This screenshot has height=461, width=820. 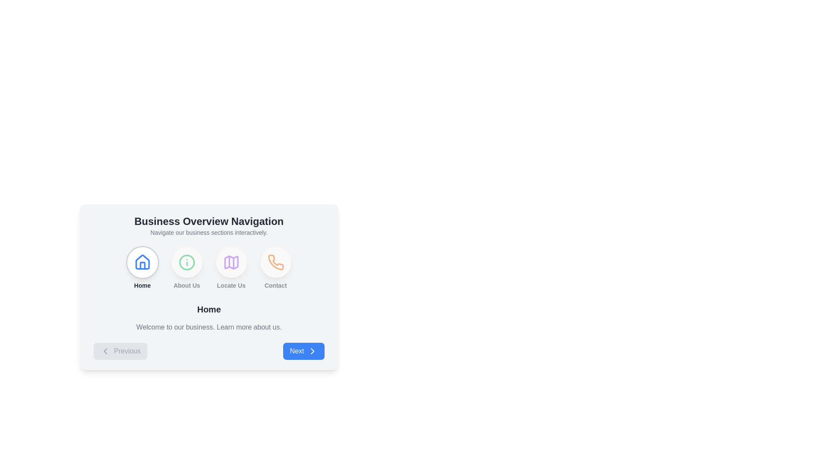 I want to click on the disabled 'Previous' button located at the bottom left of the navigation section, which is positioned to the left of the 'Next' button, so click(x=120, y=351).